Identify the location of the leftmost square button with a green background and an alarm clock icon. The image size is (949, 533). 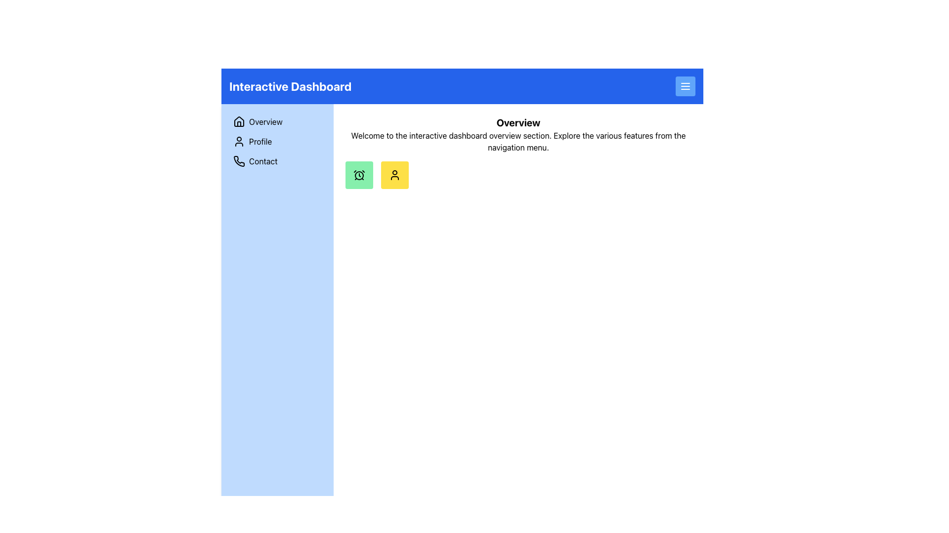
(358, 174).